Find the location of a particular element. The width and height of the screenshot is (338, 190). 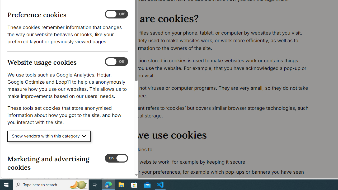

'Marketing and advertising cookies' is located at coordinates (116, 158).